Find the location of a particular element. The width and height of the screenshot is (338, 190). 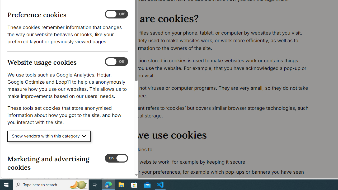

'Marketing and advertising cookies' is located at coordinates (116, 158).